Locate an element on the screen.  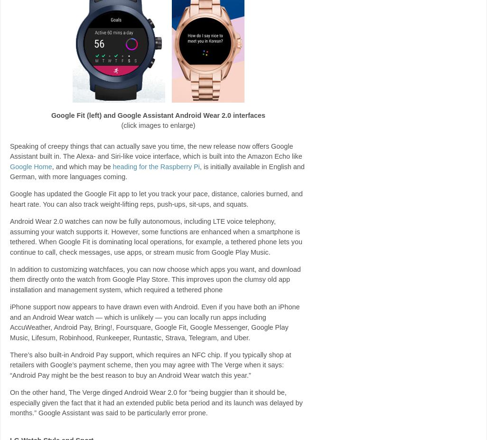
'heading for the Raspberry Pi' is located at coordinates (156, 166).